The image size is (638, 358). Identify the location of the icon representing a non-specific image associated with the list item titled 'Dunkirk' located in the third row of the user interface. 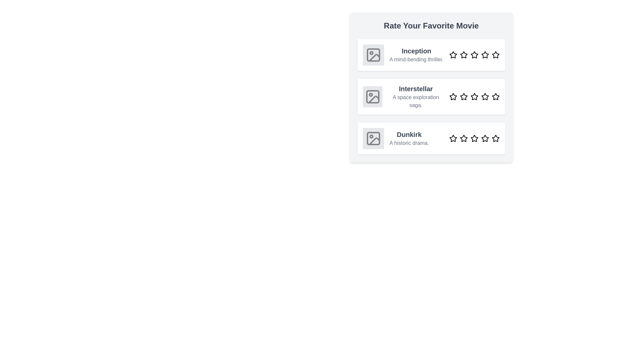
(373, 138).